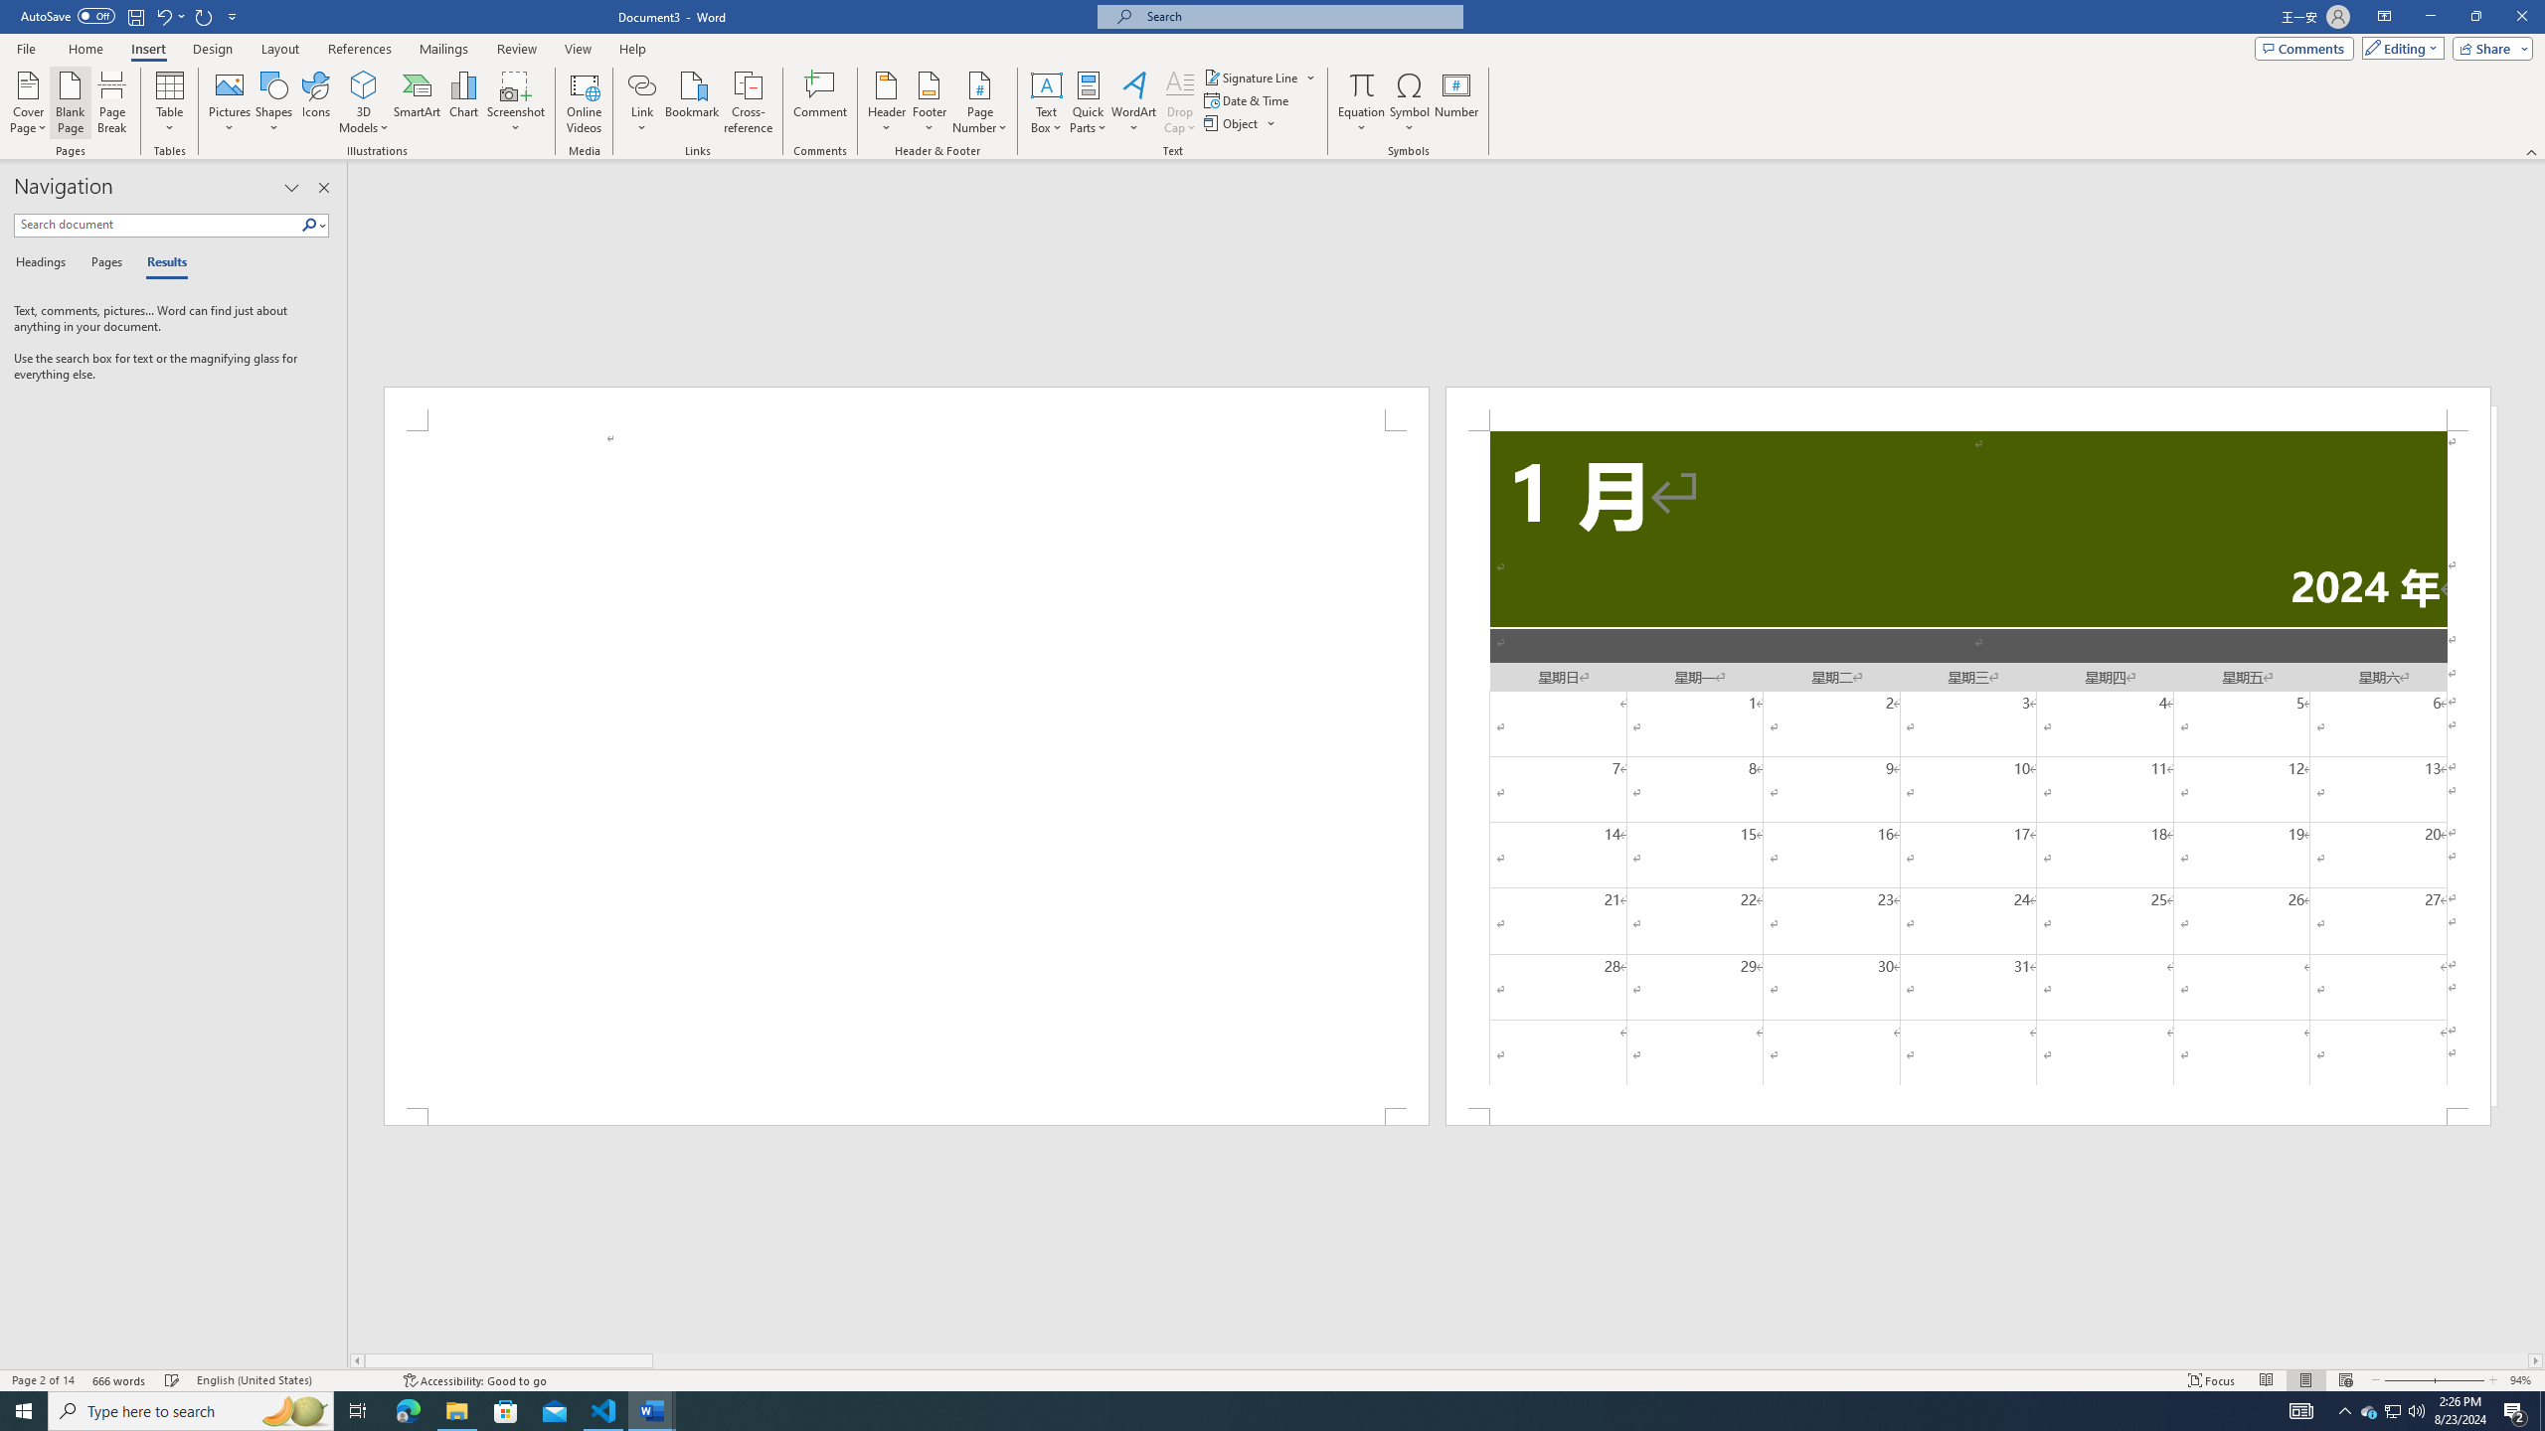 This screenshot has height=1431, width=2545. Describe the element at coordinates (584, 102) in the screenshot. I see `'Online Videos...'` at that location.